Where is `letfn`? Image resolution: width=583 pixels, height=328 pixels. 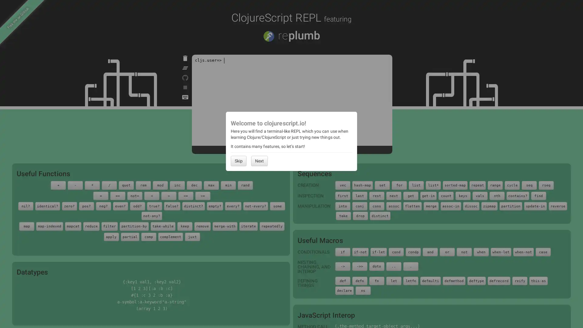
letfn is located at coordinates (411, 281).